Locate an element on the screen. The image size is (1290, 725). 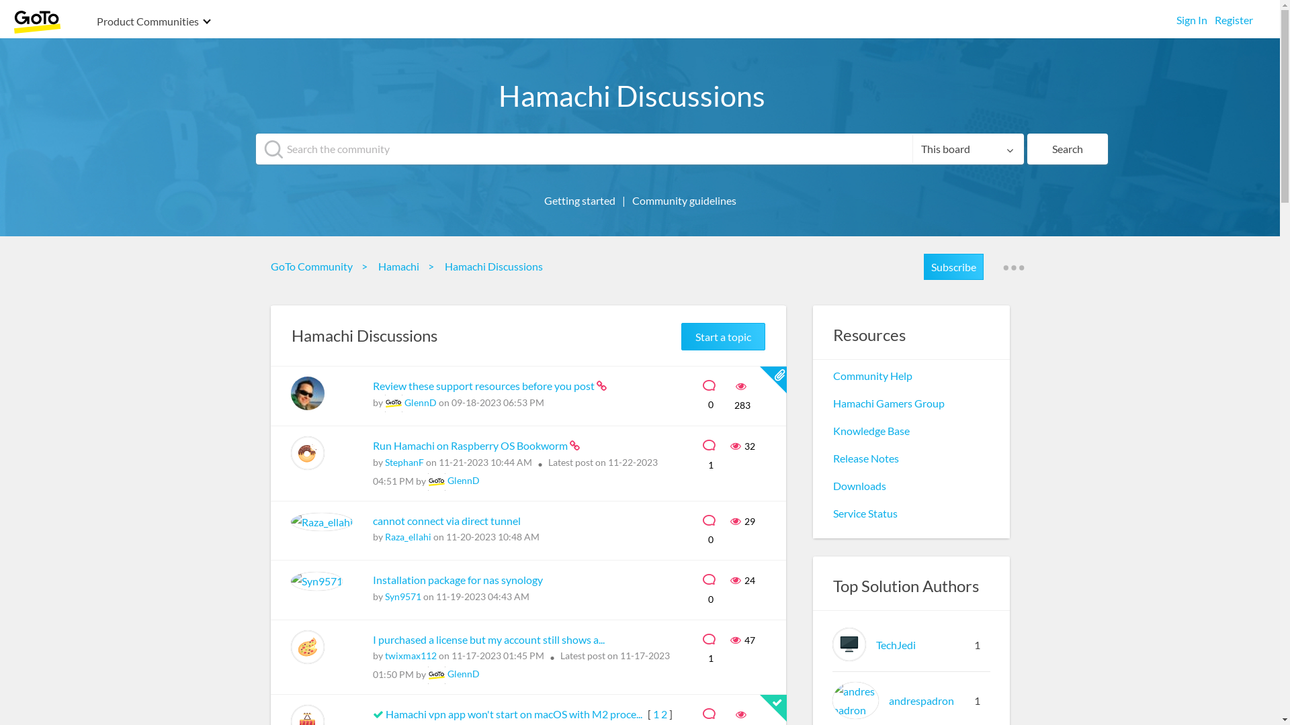
'Sign In' is located at coordinates (1192, 16).